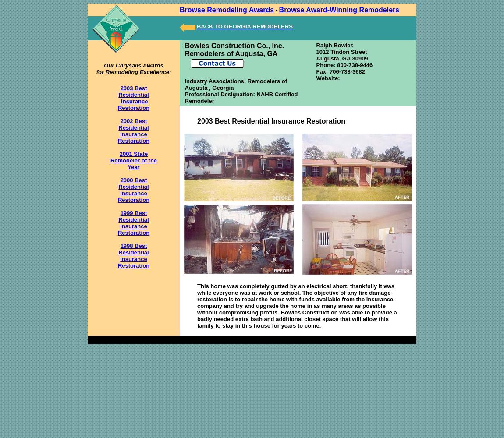 This screenshot has height=438, width=504. What do you see at coordinates (118, 124) in the screenshot?
I see `'2002 Best Residential'` at bounding box center [118, 124].